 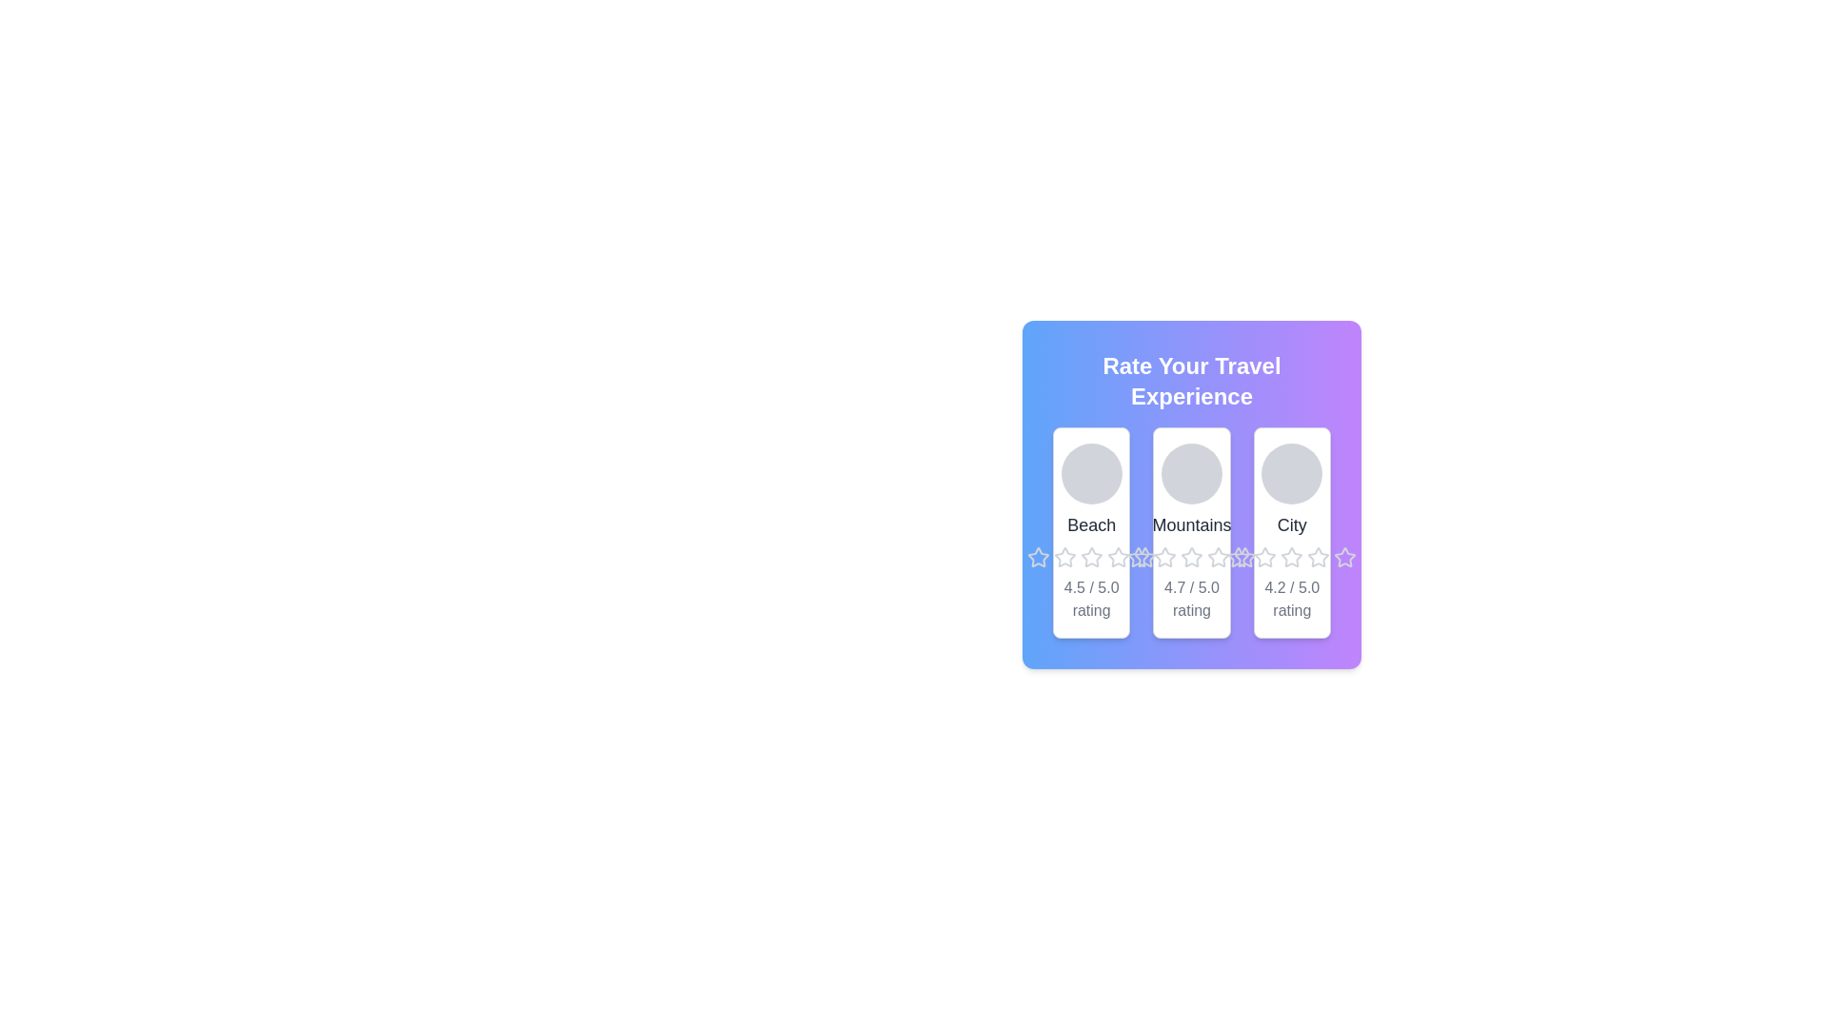 What do you see at coordinates (1191, 494) in the screenshot?
I see `the 'Mountains' card component` at bounding box center [1191, 494].